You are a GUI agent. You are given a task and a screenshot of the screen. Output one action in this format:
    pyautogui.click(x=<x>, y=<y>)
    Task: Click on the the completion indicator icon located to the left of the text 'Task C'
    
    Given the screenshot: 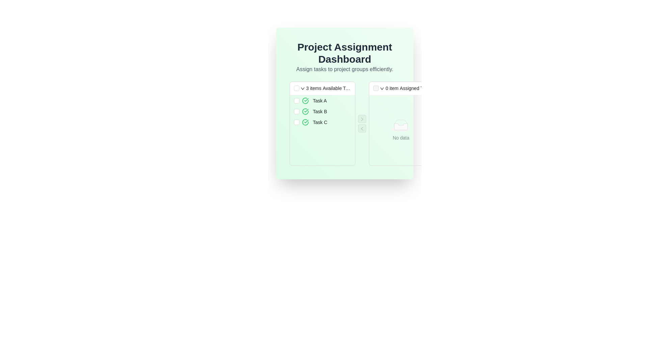 What is the action you would take?
    pyautogui.click(x=305, y=122)
    